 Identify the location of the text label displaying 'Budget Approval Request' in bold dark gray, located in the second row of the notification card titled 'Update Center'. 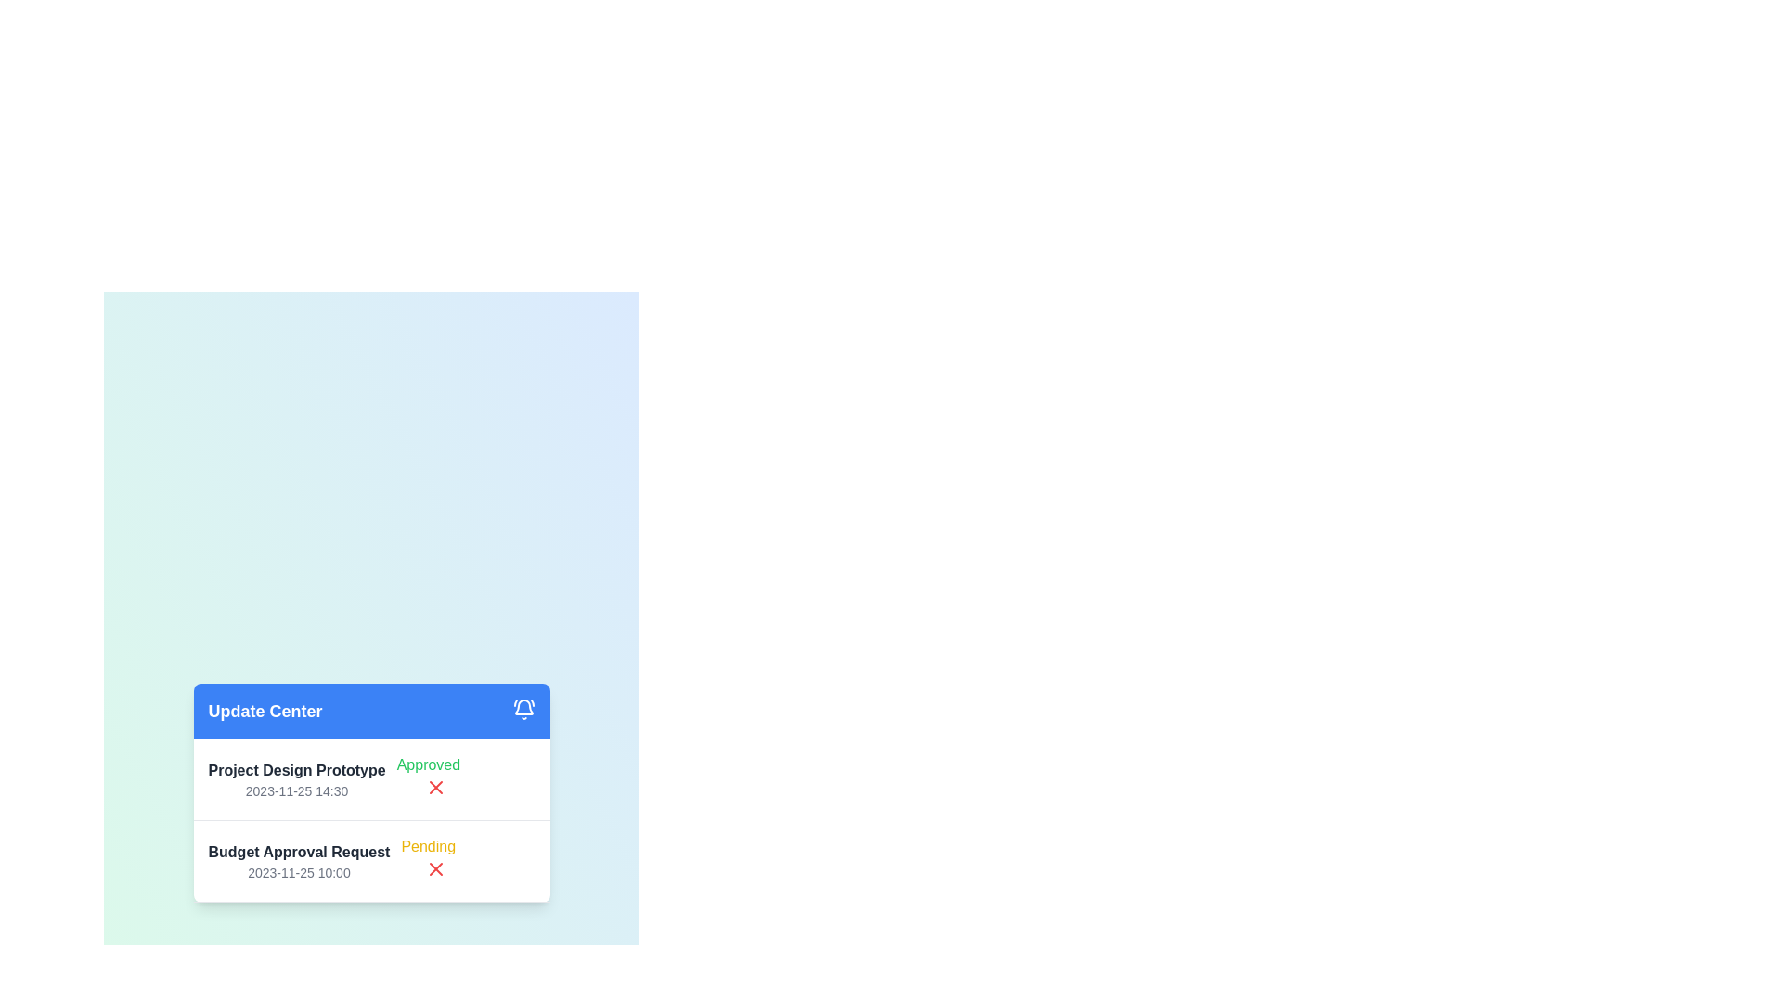
(299, 852).